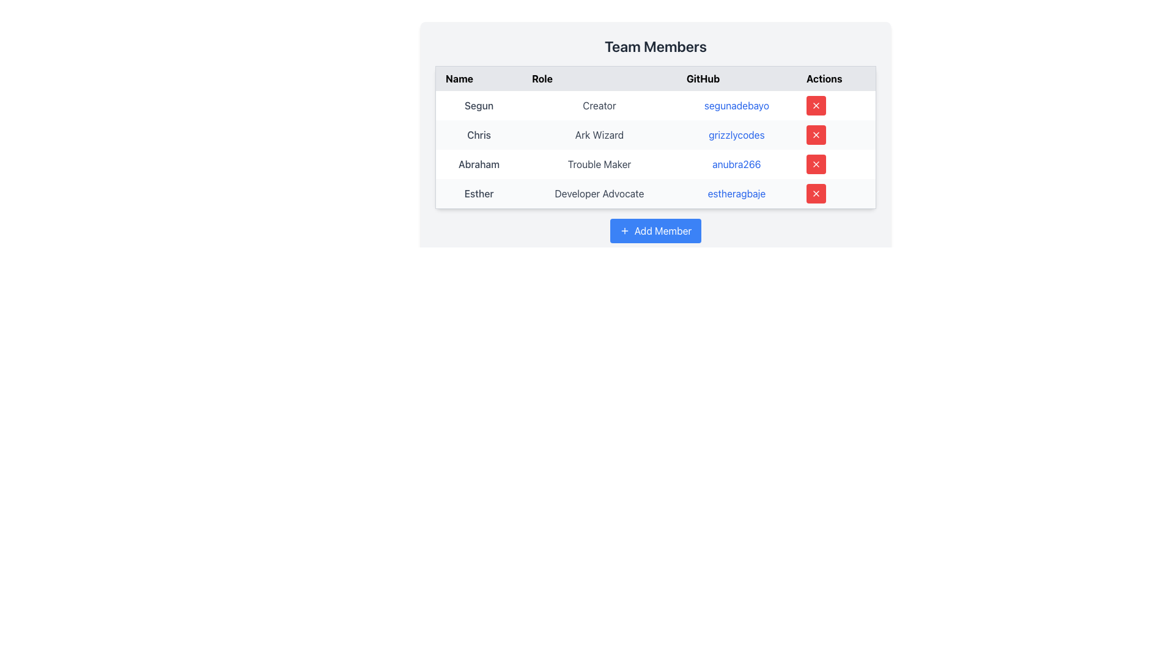 The width and height of the screenshot is (1174, 660). I want to click on the close icon button resembling an 'X' in the 'Actions' column for the row corresponding to 'Abraham' (GitHub username 'anubra266'), so click(816, 164).